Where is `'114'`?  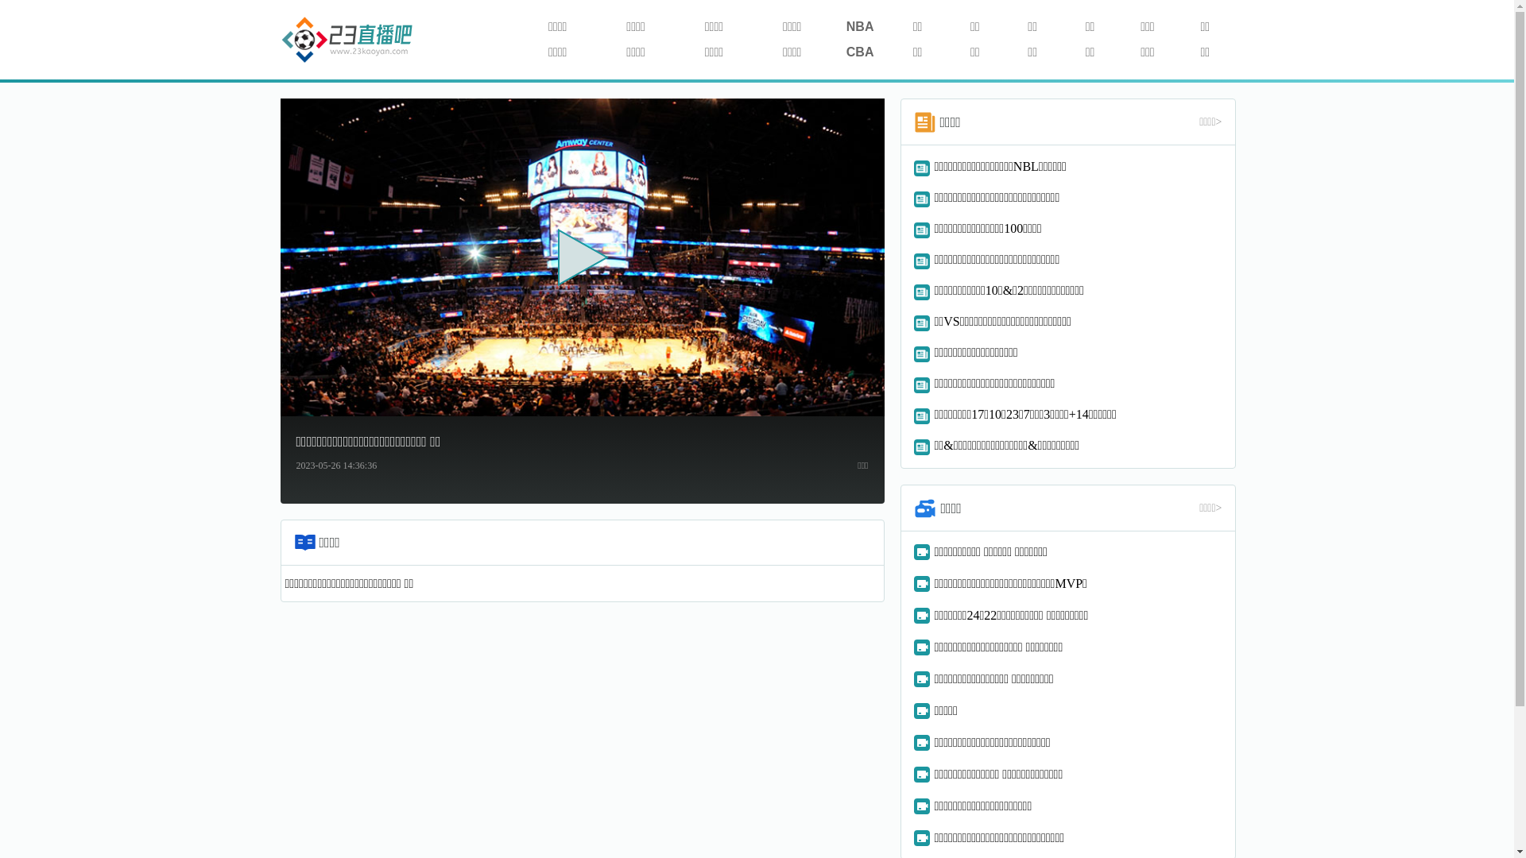
'114' is located at coordinates (346, 41).